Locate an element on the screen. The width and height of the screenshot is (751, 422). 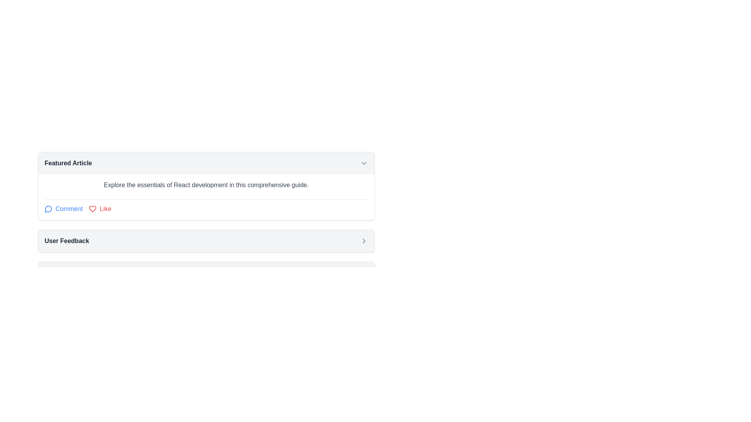
the button located below the 'Featured Article' section is located at coordinates (206, 241).